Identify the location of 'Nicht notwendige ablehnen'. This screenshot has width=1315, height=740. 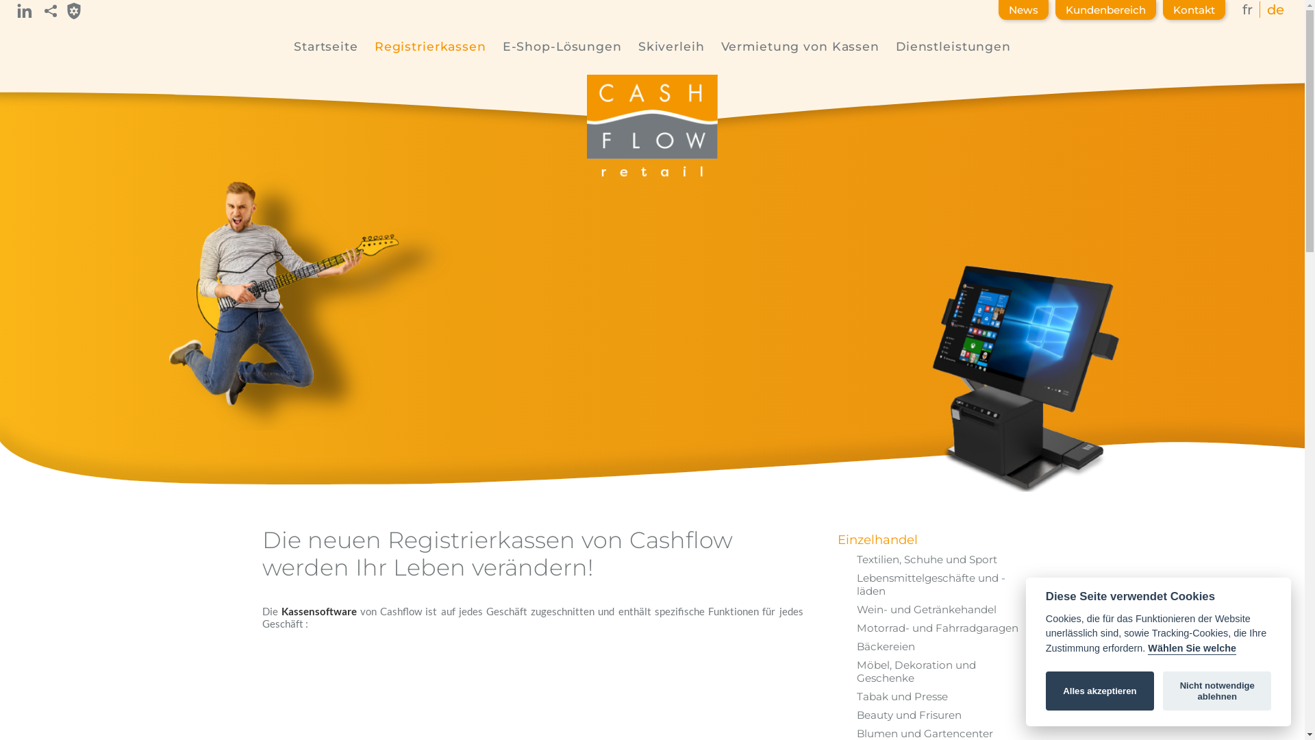
(1216, 691).